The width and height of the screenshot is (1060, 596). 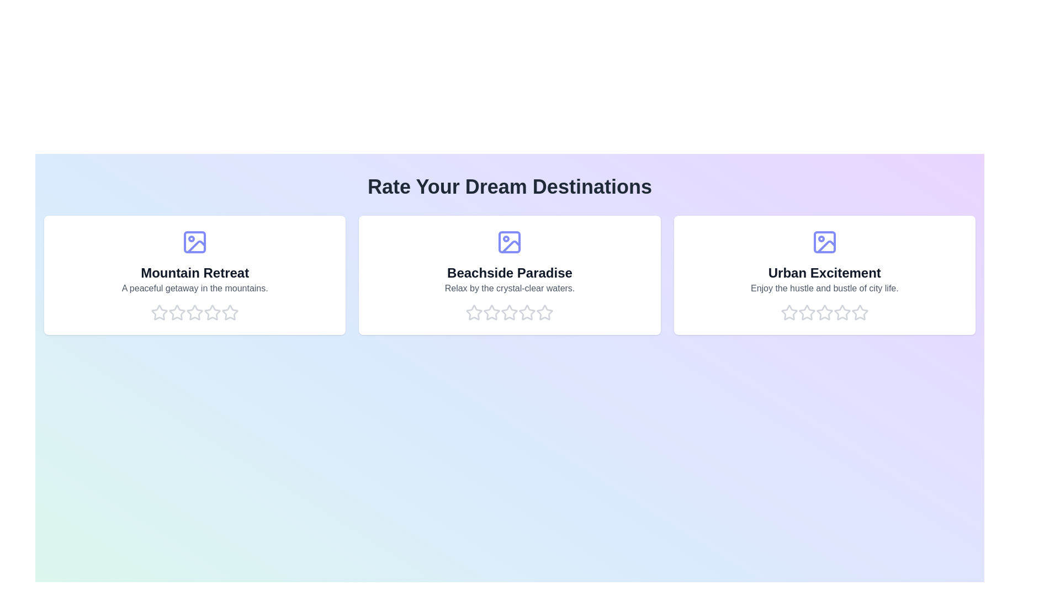 What do you see at coordinates (158, 313) in the screenshot?
I see `the rating for a destination to 1 stars` at bounding box center [158, 313].